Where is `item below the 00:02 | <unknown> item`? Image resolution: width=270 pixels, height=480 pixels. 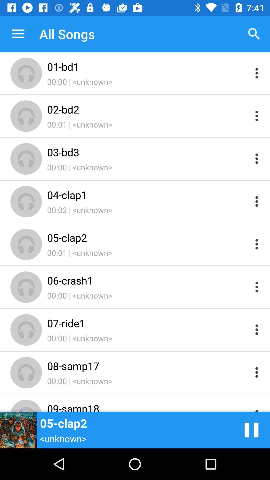 item below the 00:02 | <unknown> item is located at coordinates (148, 237).